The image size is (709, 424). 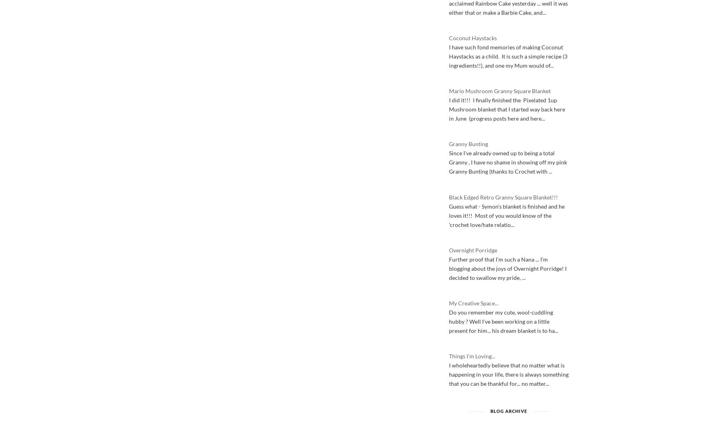 What do you see at coordinates (508, 162) in the screenshot?
I see `'Since I've already owned up to being a total Granny , I have no shame in showing off my pink Granny Bunting (thanks to Crochet with ...'` at bounding box center [508, 162].